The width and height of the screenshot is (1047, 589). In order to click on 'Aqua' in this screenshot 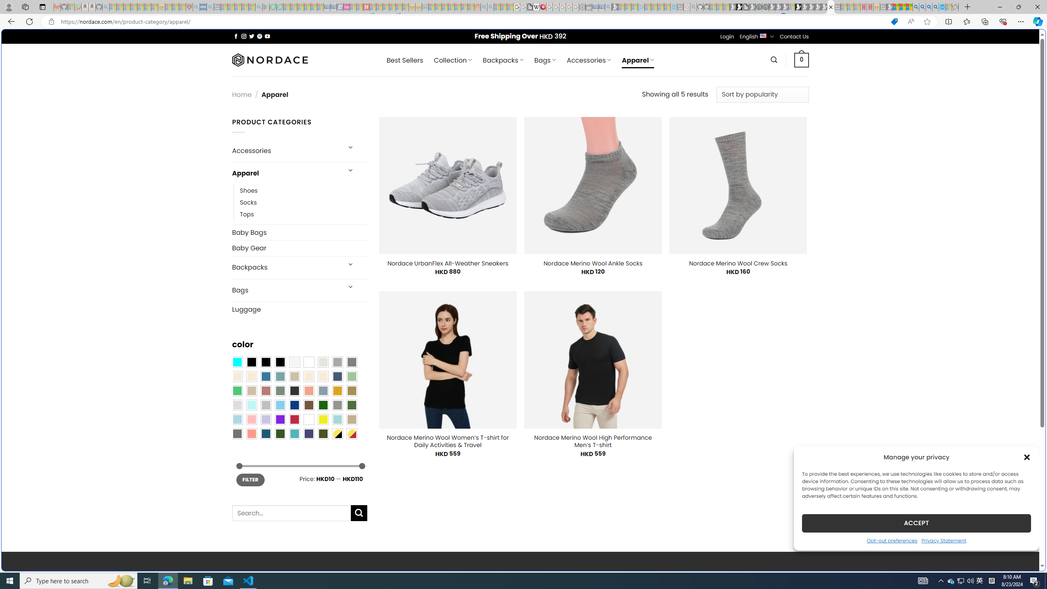, I will do `click(337, 419)`.